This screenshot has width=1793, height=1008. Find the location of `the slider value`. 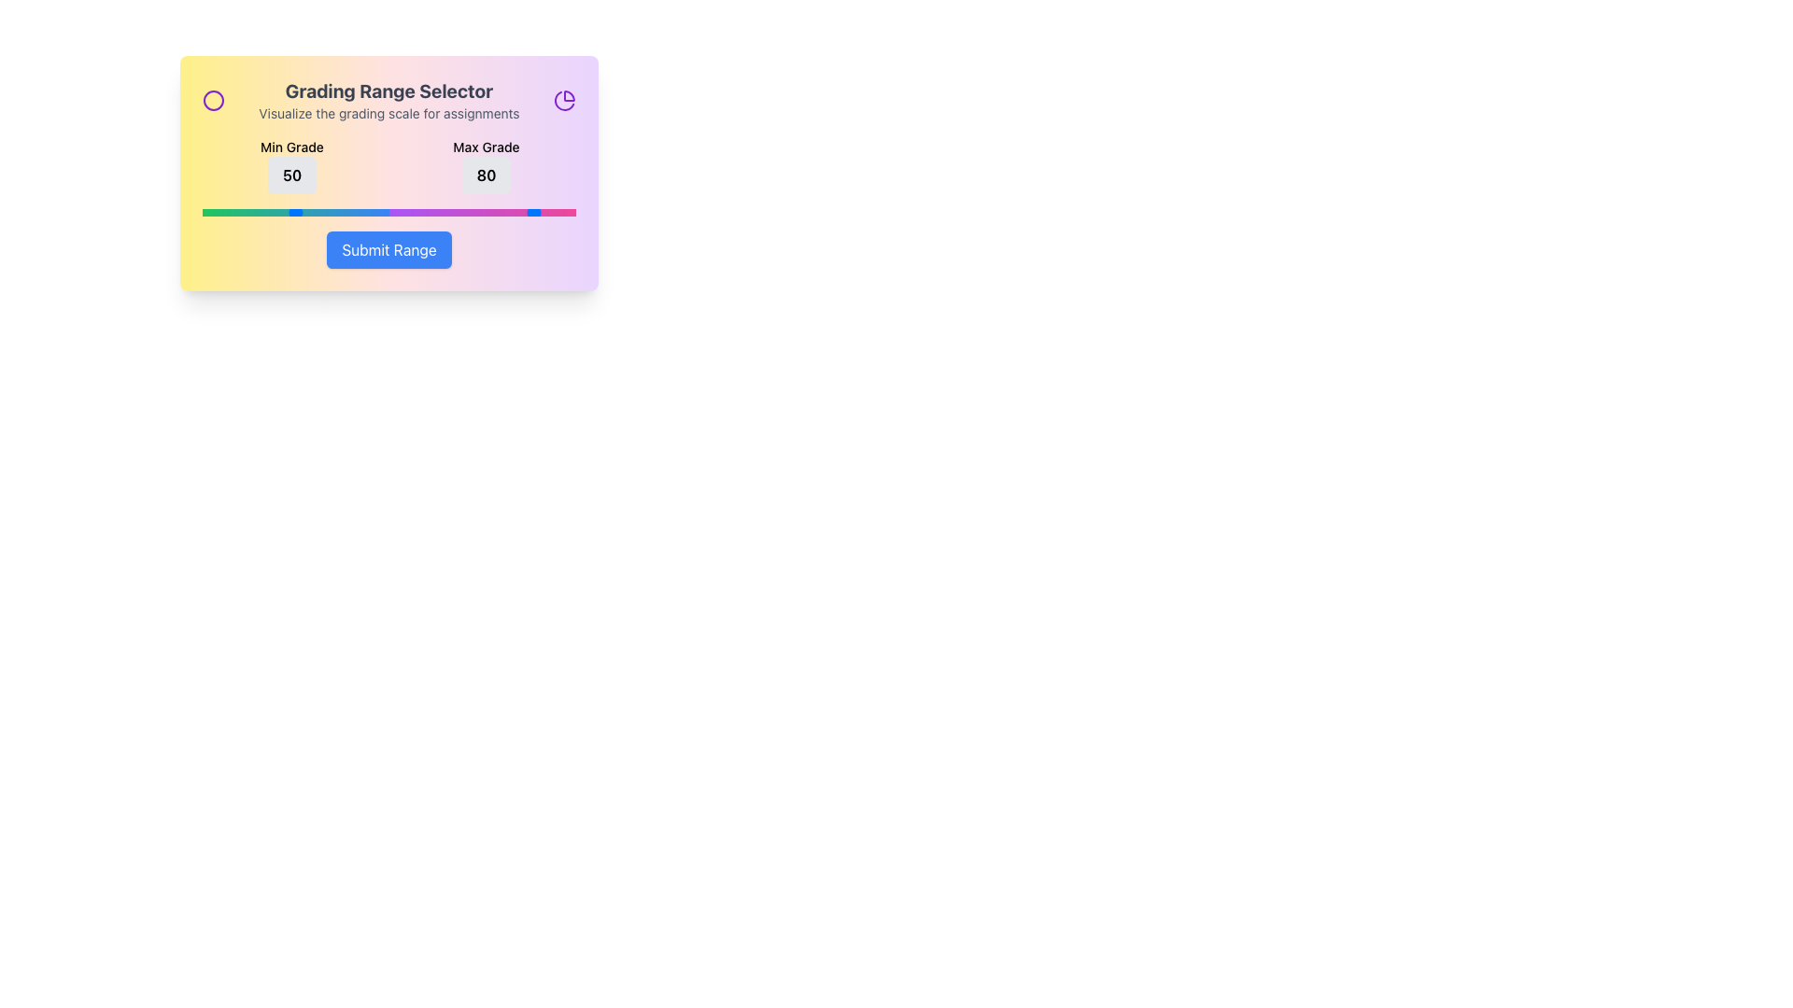

the slider value is located at coordinates (348, 211).